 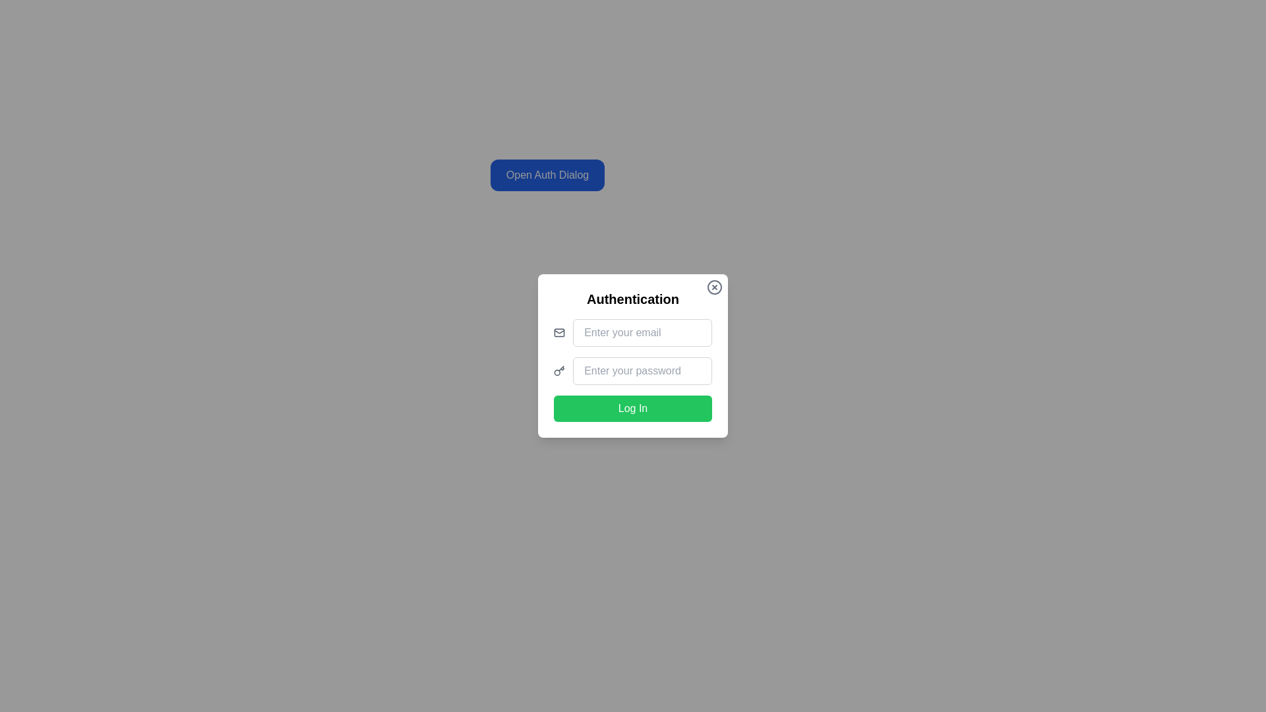 I want to click on the static text element that serves as a heading for the authentication dialog box, located at the center top of the dialog interface, so click(x=633, y=299).